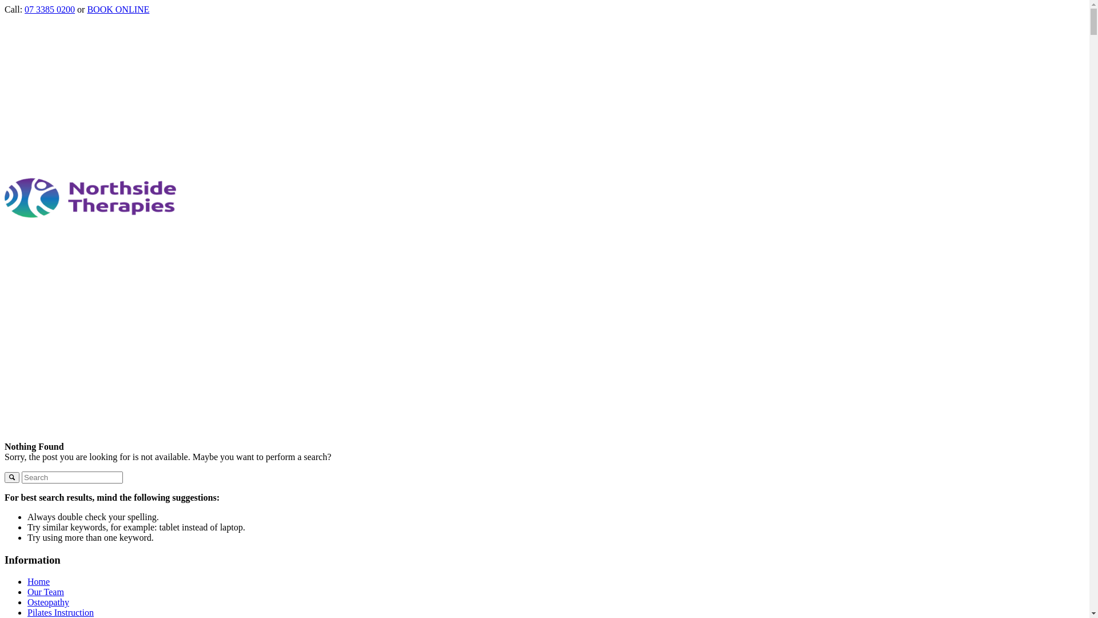 The height and width of the screenshot is (618, 1098). I want to click on '07 3385 0200', so click(25, 9).